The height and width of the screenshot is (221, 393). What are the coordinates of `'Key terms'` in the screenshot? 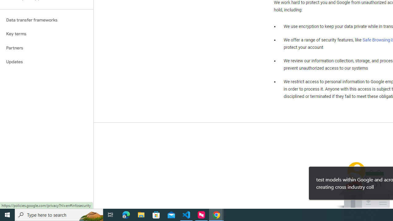 It's located at (46, 34).